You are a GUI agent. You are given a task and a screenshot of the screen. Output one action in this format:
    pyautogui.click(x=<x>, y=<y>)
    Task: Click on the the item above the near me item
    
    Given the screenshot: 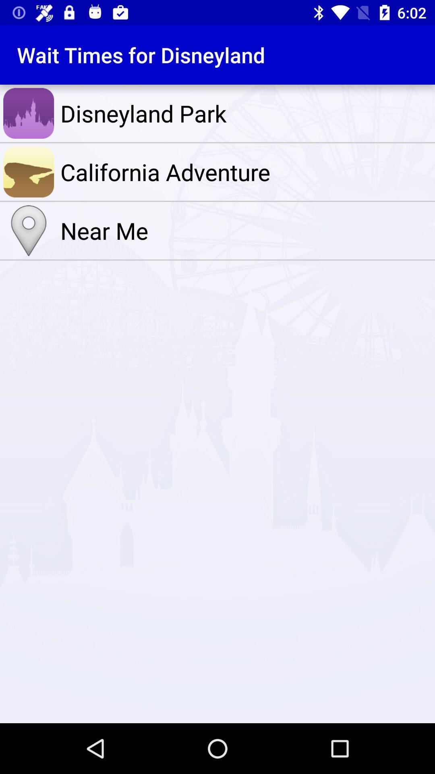 What is the action you would take?
    pyautogui.click(x=245, y=171)
    